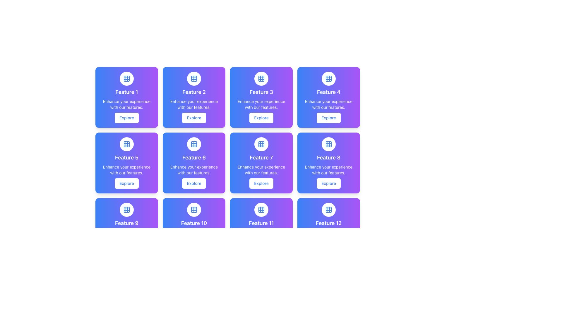 The image size is (562, 316). What do you see at coordinates (329, 209) in the screenshot?
I see `the blue grid-like icon consisting of nine smaller squares, which is centered within a circular background on the card labeled 'Feature 12'` at bounding box center [329, 209].